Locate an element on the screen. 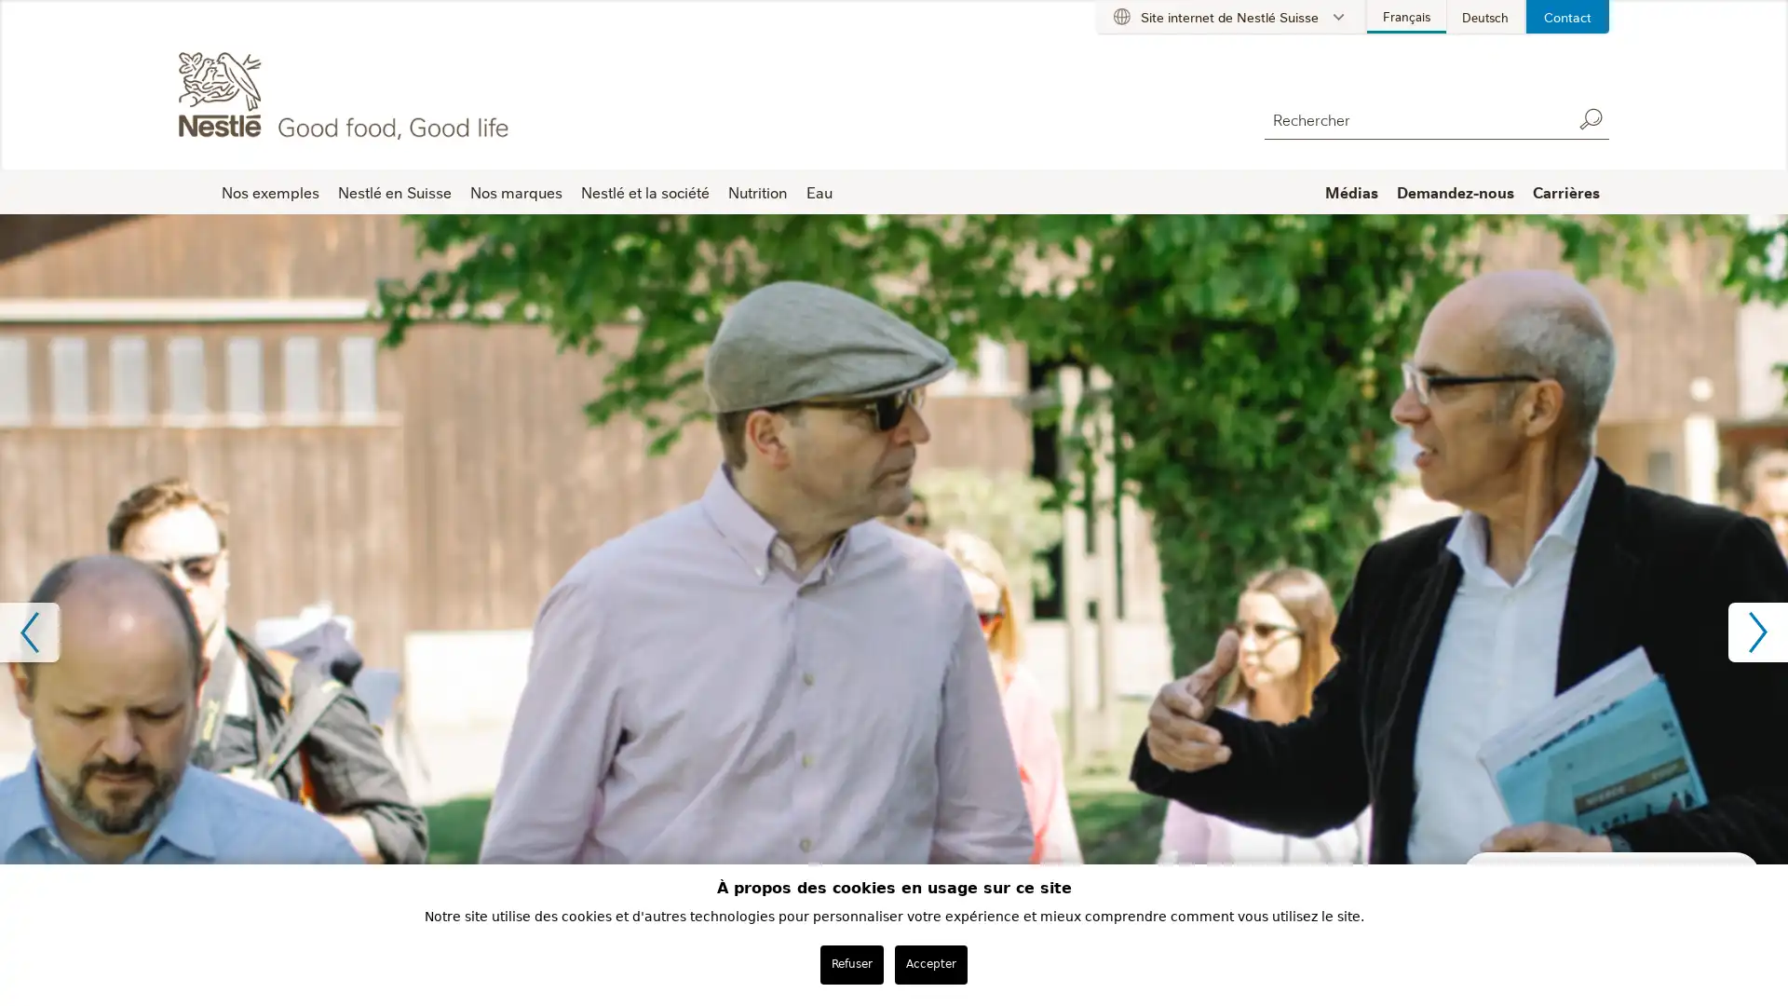 Image resolution: width=1788 pixels, height=1006 pixels. Refuser is located at coordinates (851, 963).